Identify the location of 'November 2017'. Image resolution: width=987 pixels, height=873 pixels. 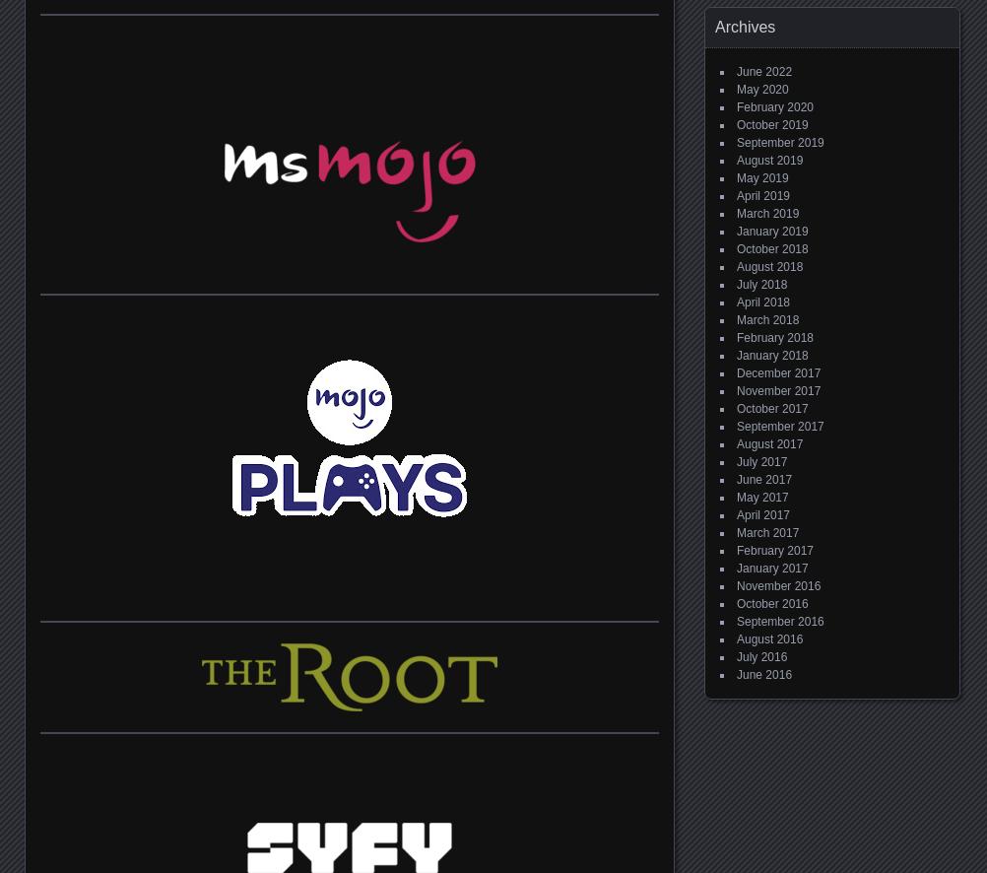
(777, 391).